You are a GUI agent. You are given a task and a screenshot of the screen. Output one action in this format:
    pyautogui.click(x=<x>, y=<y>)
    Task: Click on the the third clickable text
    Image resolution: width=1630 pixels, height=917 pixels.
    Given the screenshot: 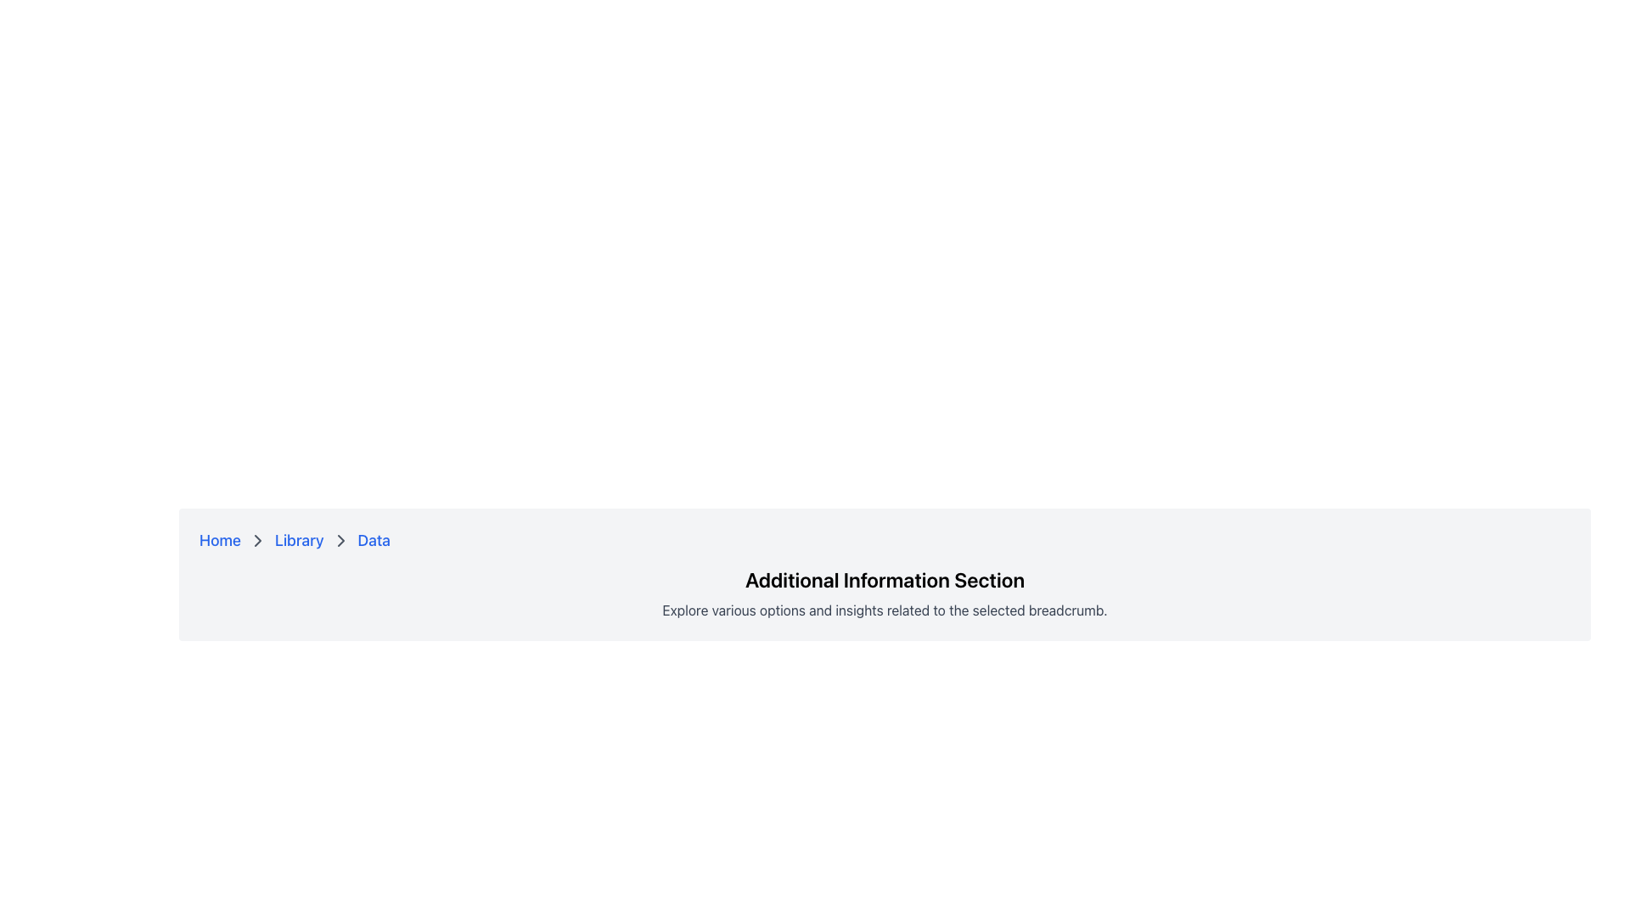 What is the action you would take?
    pyautogui.click(x=373, y=540)
    